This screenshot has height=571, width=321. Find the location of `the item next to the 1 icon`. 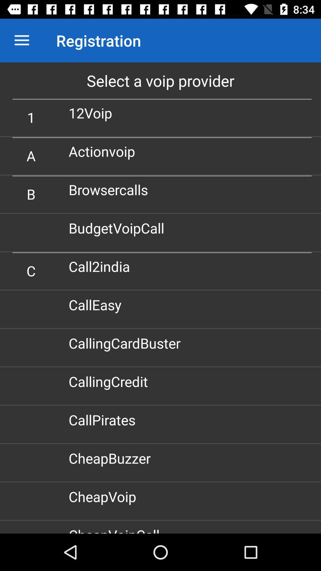

the item next to the 1 icon is located at coordinates (93, 113).